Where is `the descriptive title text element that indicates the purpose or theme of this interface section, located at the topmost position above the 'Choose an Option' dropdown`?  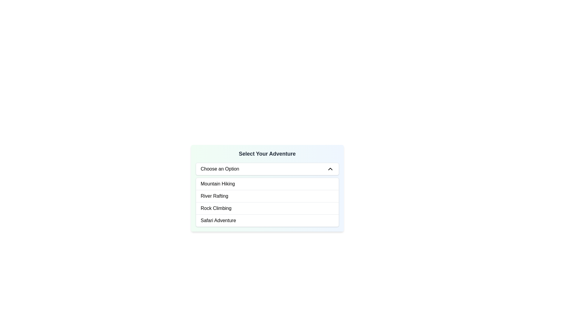 the descriptive title text element that indicates the purpose or theme of this interface section, located at the topmost position above the 'Choose an Option' dropdown is located at coordinates (267, 154).